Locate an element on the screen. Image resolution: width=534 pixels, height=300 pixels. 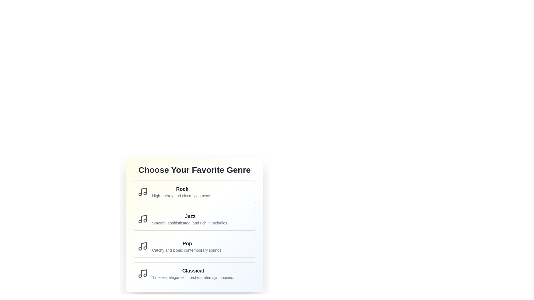
to select the 'Pop' genre from the vertical list of music genres, which is positioned in the third location of the list, below 'Jazz' and above 'Classical' is located at coordinates (194, 232).